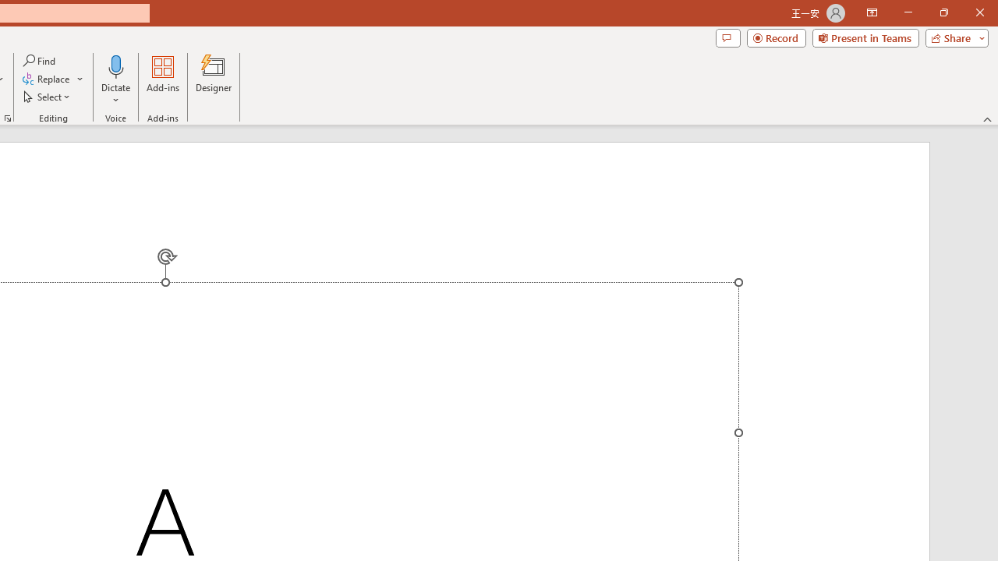  I want to click on 'Restore Down', so click(943, 12).